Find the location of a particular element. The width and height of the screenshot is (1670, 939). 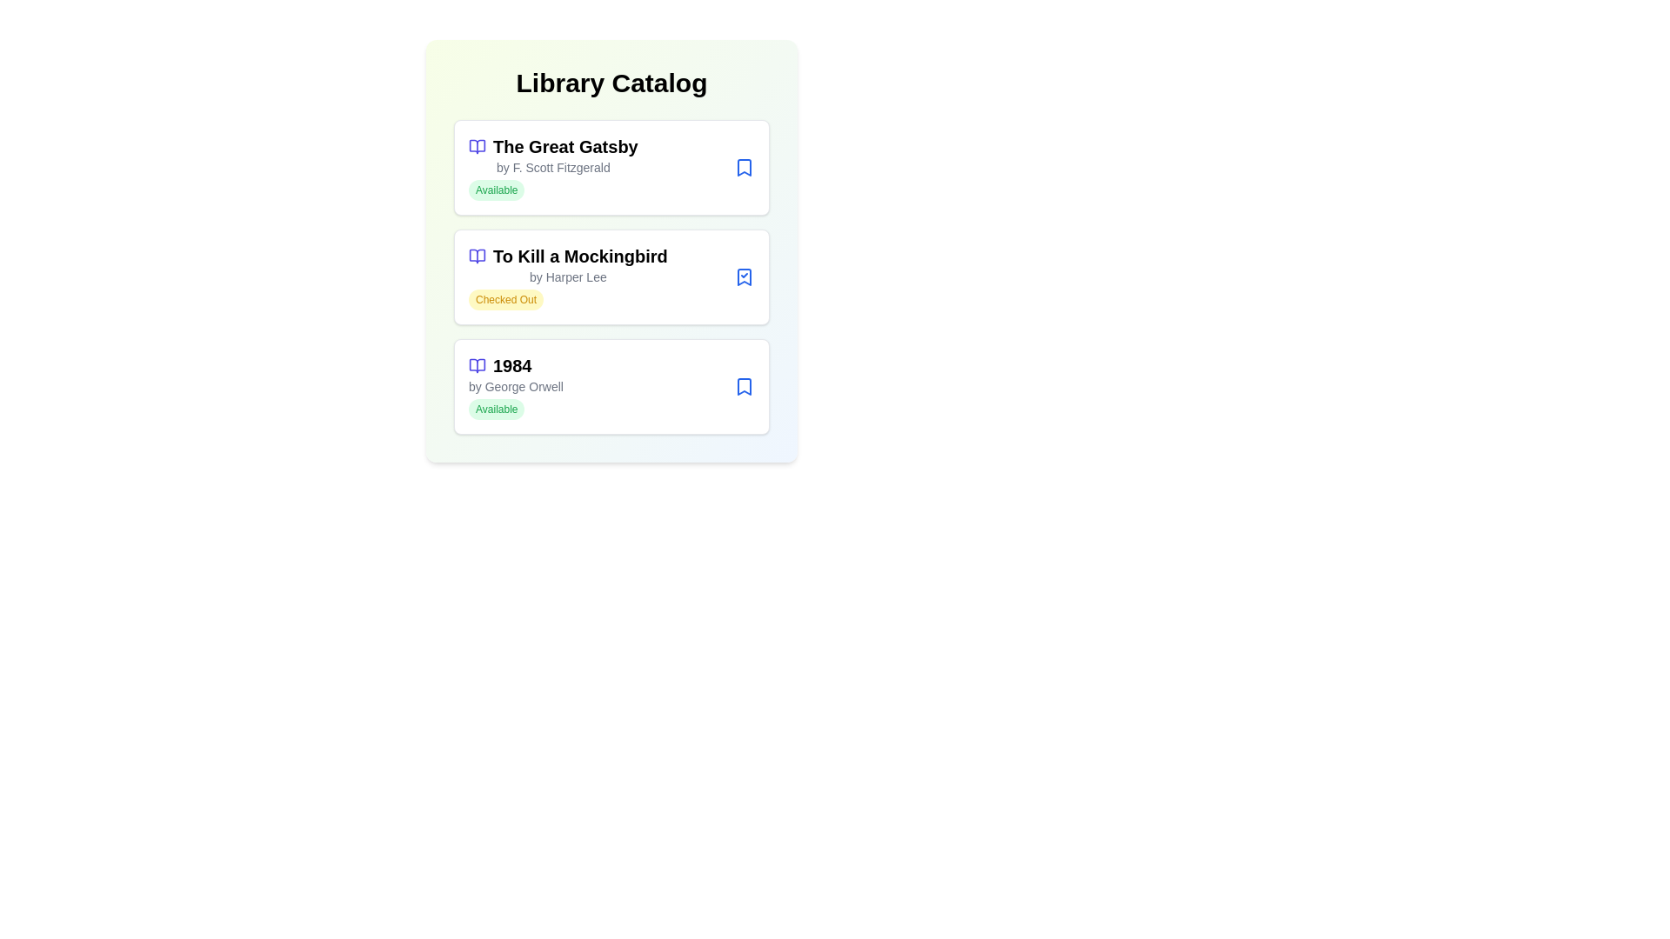

the status button of a book to toggle its availability. Specify the book title as The Great Gatsby is located at coordinates (744, 167).